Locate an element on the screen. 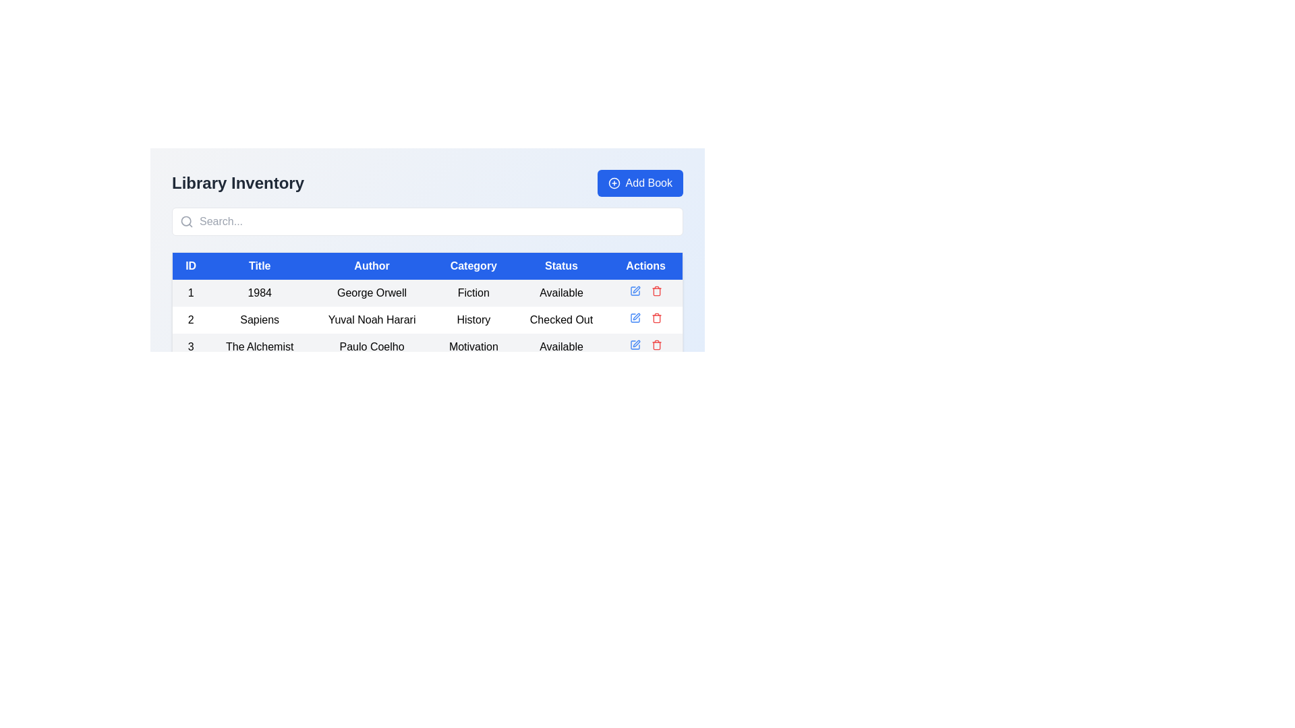 This screenshot has width=1295, height=728. the red trash icon in the Action Button Group located in the last column of the table, second row, corresponding to the book 'Sapiens' is located at coordinates (645, 320).